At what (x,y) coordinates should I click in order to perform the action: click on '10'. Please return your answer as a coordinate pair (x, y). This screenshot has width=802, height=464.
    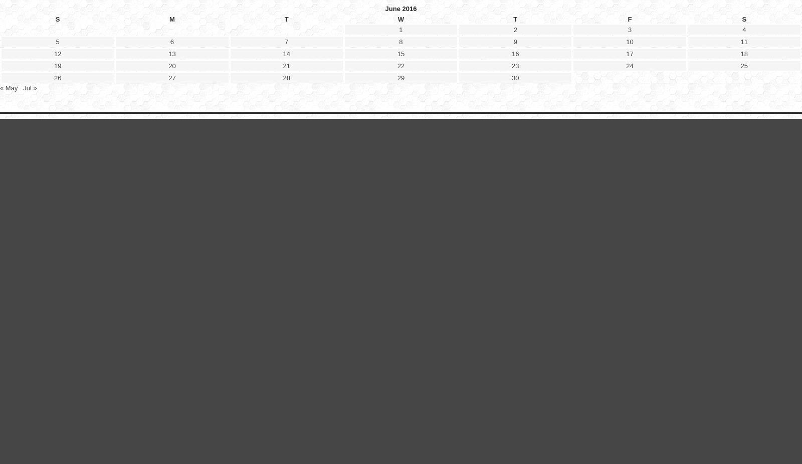
    Looking at the image, I should click on (629, 288).